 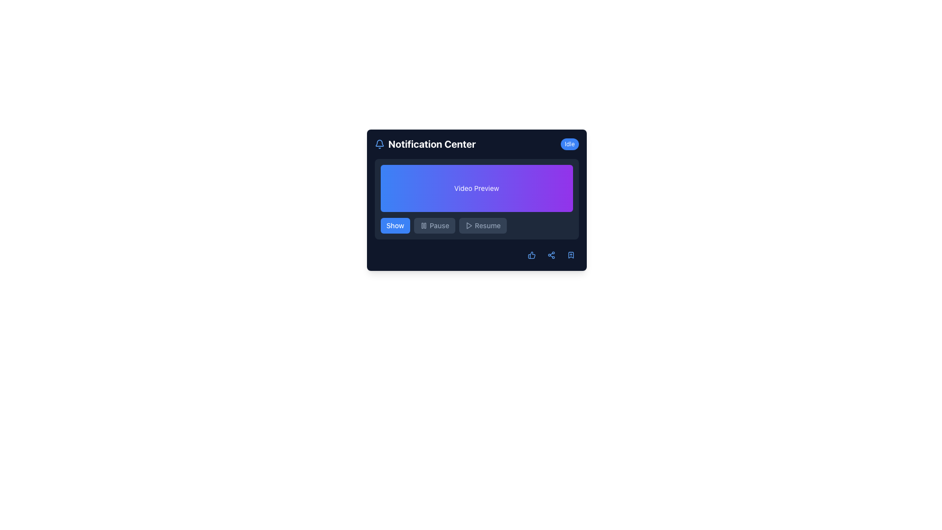 I want to click on the second button, so click(x=443, y=225).